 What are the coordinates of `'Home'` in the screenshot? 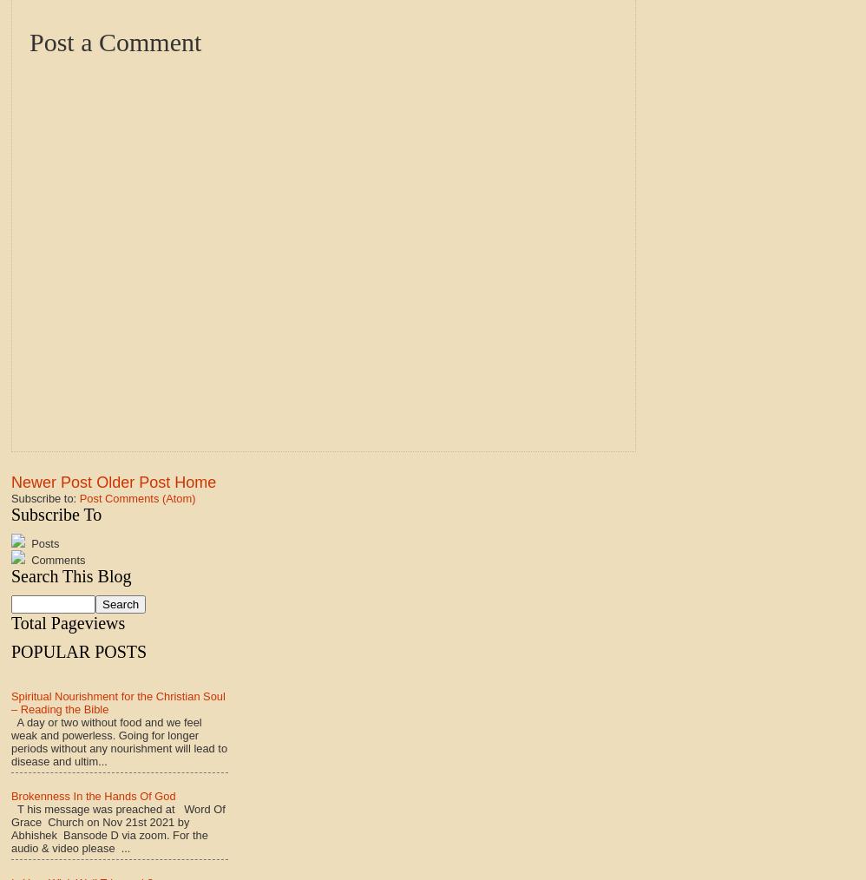 It's located at (195, 480).